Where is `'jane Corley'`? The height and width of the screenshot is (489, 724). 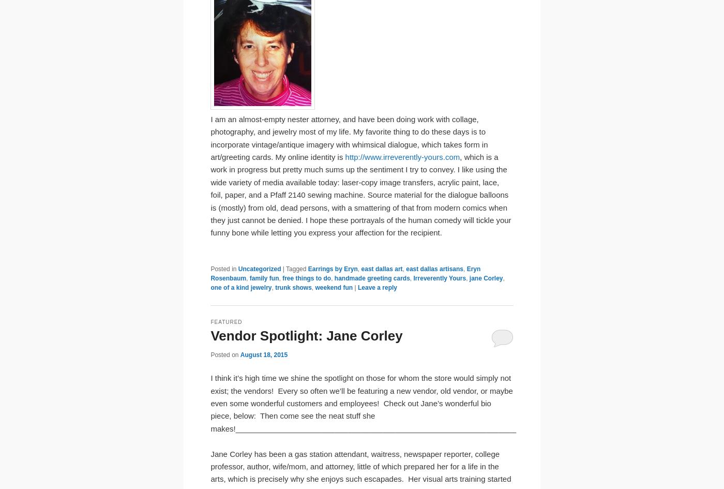
'jane Corley' is located at coordinates (469, 277).